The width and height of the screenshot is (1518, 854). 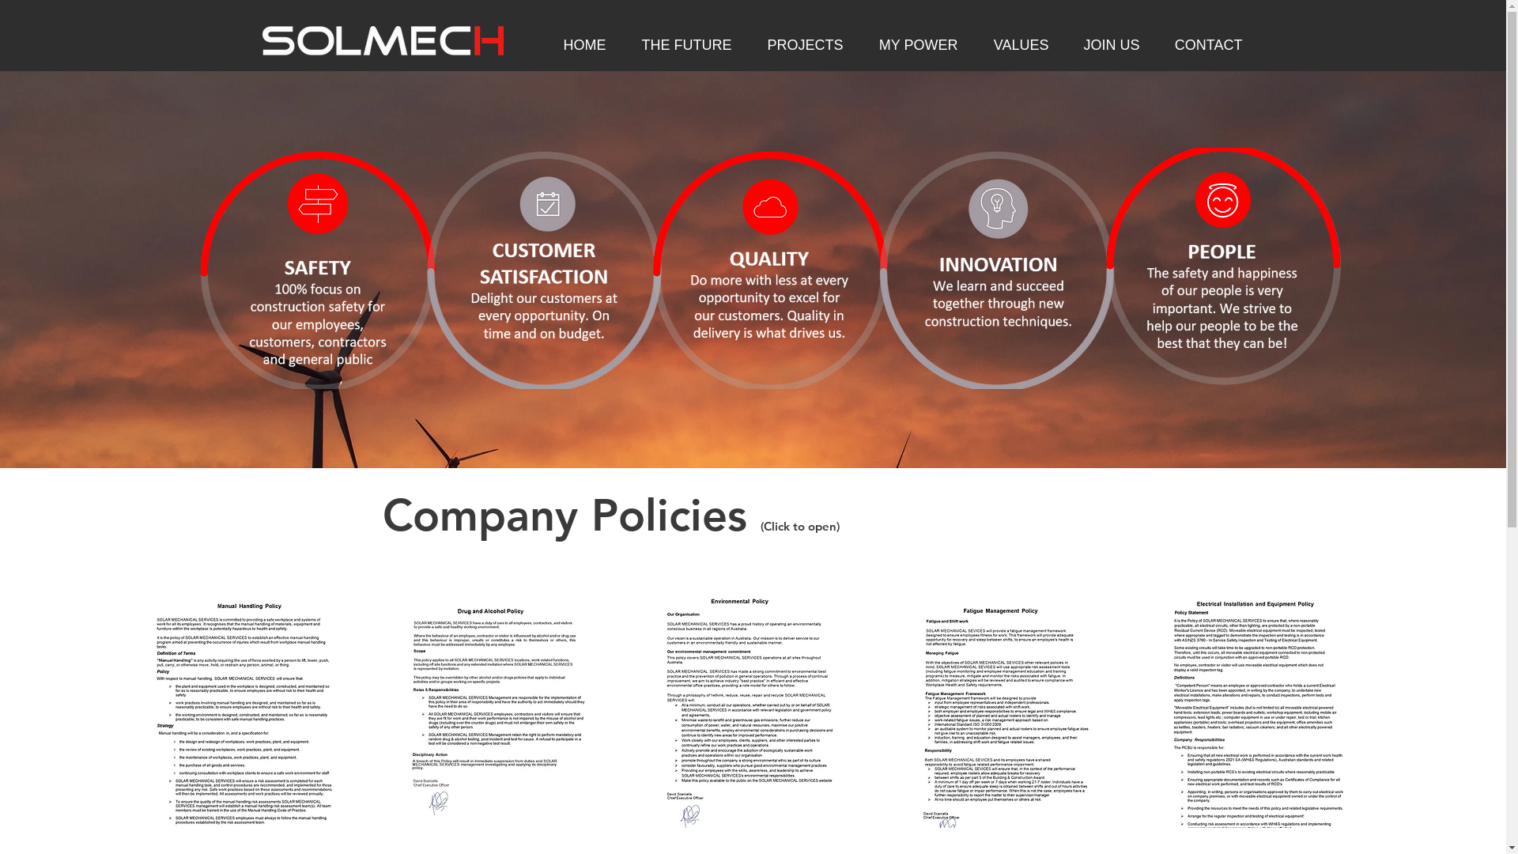 What do you see at coordinates (1061, 44) in the screenshot?
I see `'JOIN US'` at bounding box center [1061, 44].